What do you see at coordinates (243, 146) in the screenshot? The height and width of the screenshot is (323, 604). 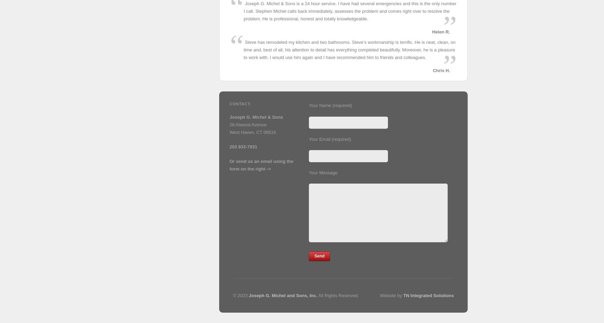 I see `'203 933-7931'` at bounding box center [243, 146].